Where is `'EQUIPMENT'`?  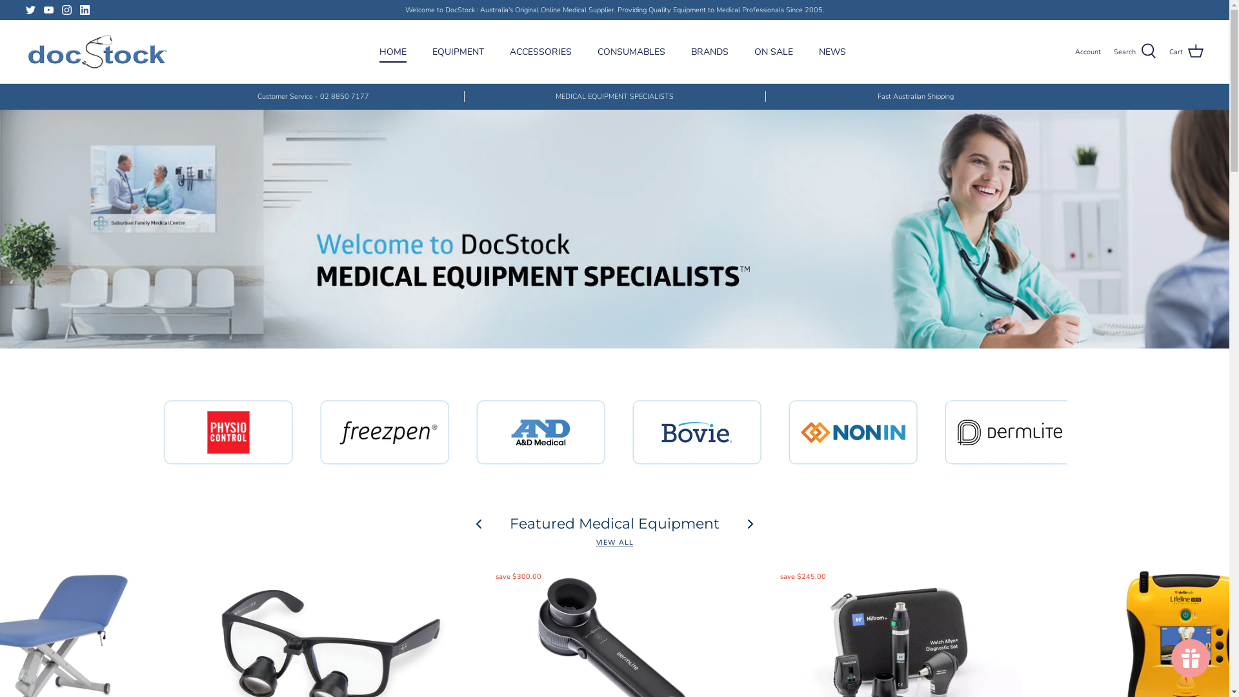
'EQUIPMENT' is located at coordinates (458, 51).